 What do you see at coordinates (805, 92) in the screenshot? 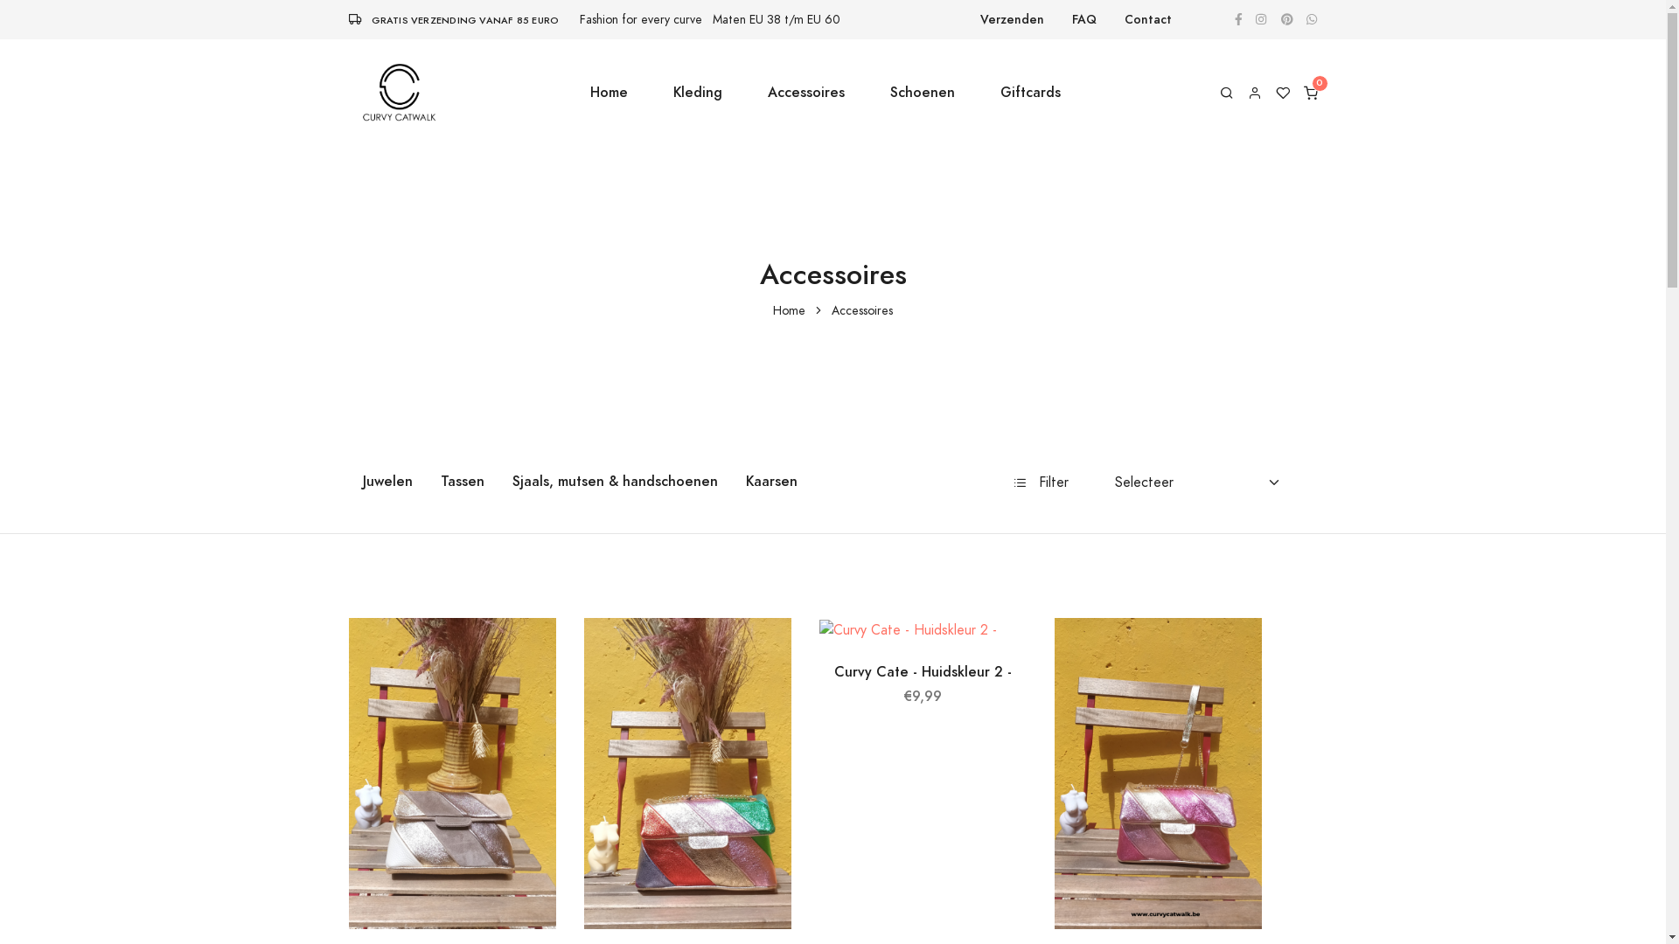
I see `'Accessoires'` at bounding box center [805, 92].